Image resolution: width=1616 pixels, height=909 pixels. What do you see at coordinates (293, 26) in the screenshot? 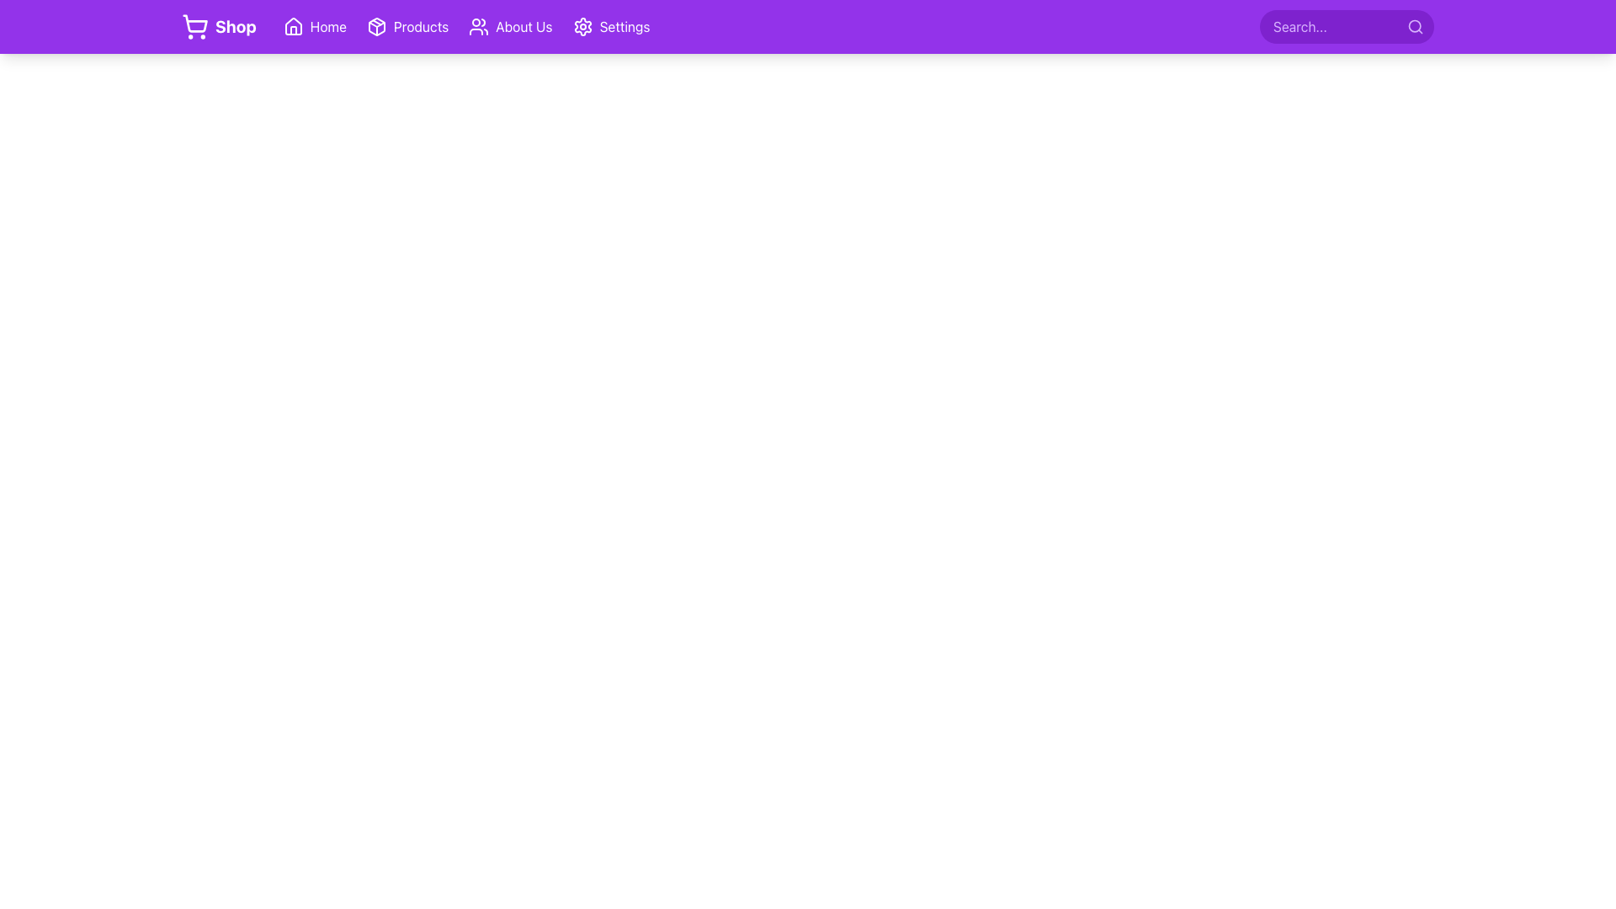
I see `the house icon with a minimalist design` at bounding box center [293, 26].